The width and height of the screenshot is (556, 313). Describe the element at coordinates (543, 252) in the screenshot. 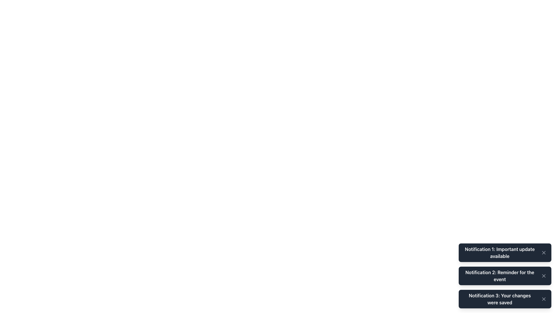

I see `the close button located at the top-right corner of 'Notification 1: Important update available.'` at that location.